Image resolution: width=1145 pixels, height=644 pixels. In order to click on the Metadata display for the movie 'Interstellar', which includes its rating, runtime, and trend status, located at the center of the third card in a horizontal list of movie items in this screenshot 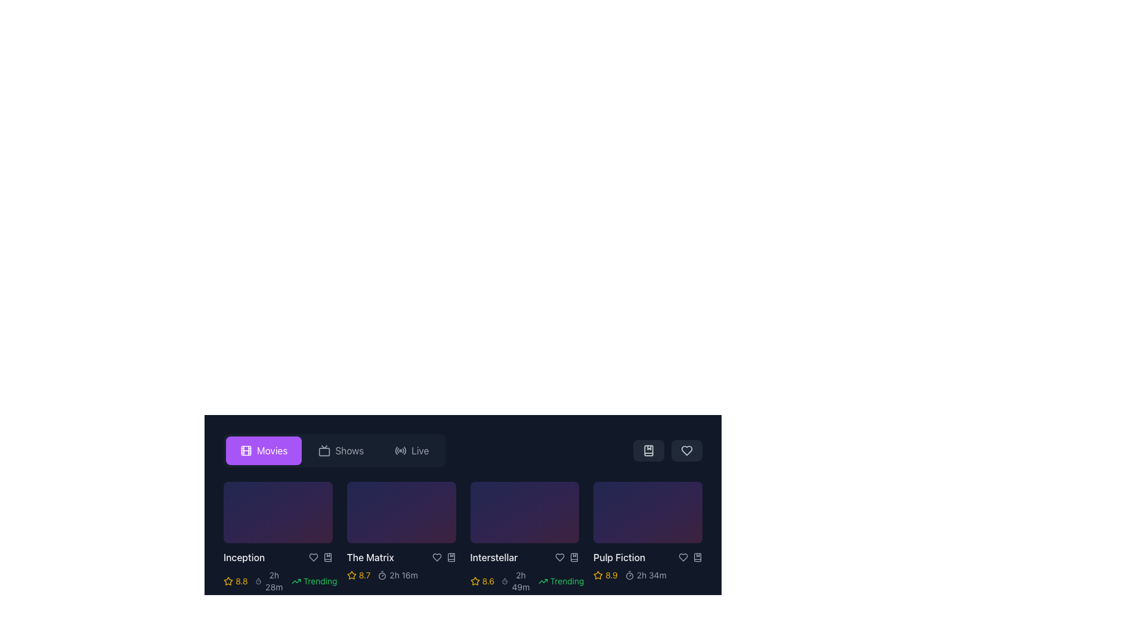, I will do `click(524, 571)`.